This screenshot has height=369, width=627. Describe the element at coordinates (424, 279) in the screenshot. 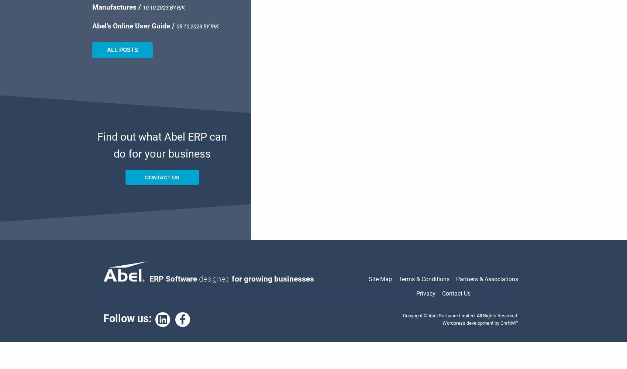

I see `'Terms & Conditions'` at that location.